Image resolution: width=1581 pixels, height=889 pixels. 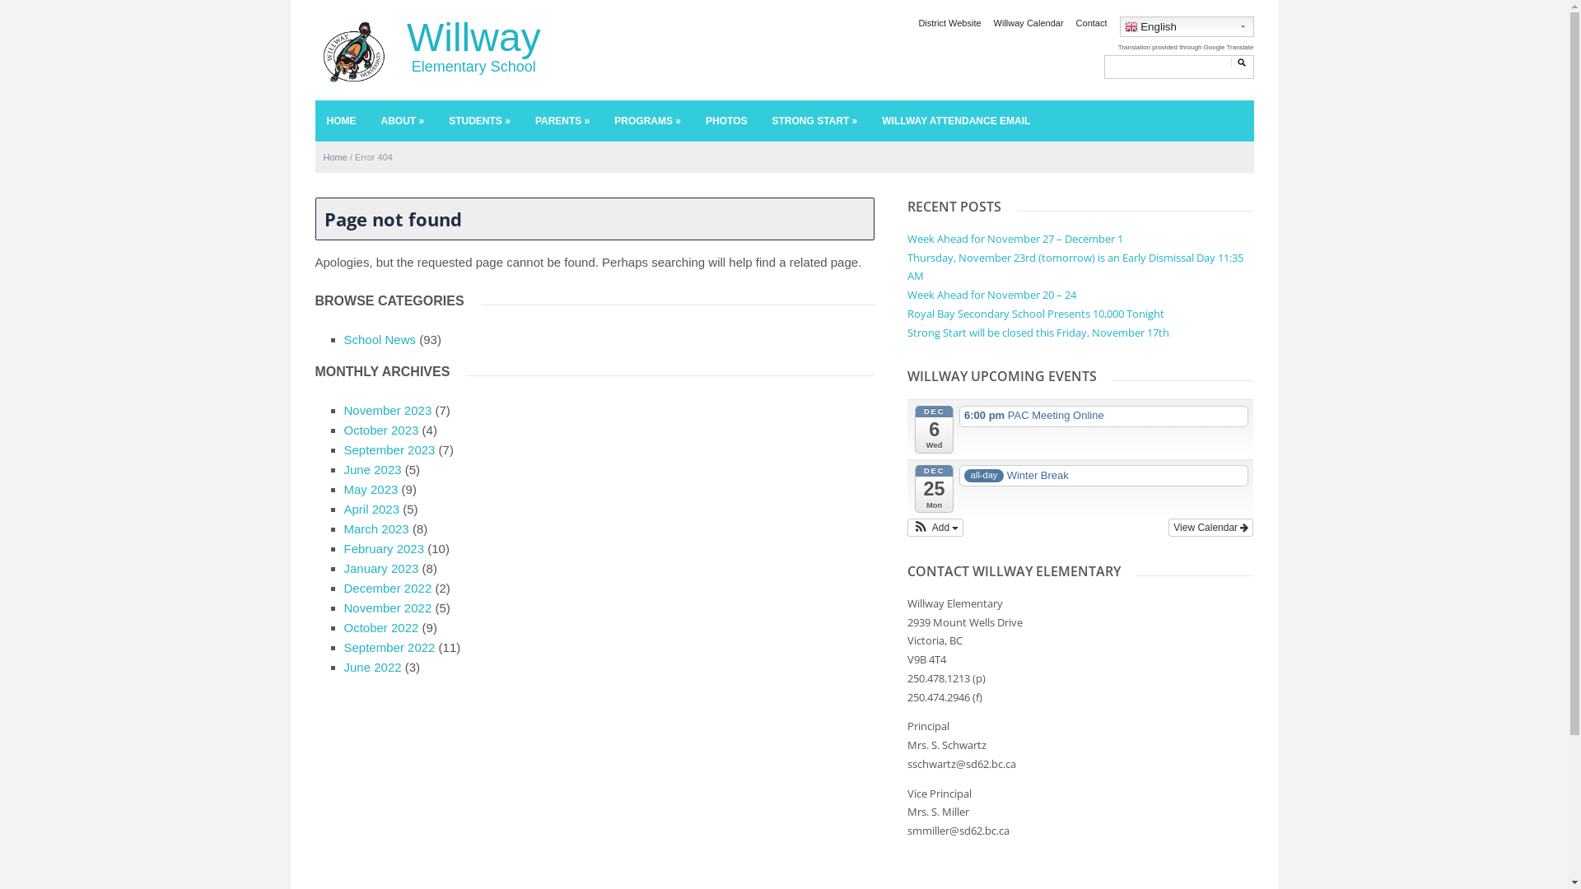 What do you see at coordinates (473, 45) in the screenshot?
I see `'Willway` at bounding box center [473, 45].